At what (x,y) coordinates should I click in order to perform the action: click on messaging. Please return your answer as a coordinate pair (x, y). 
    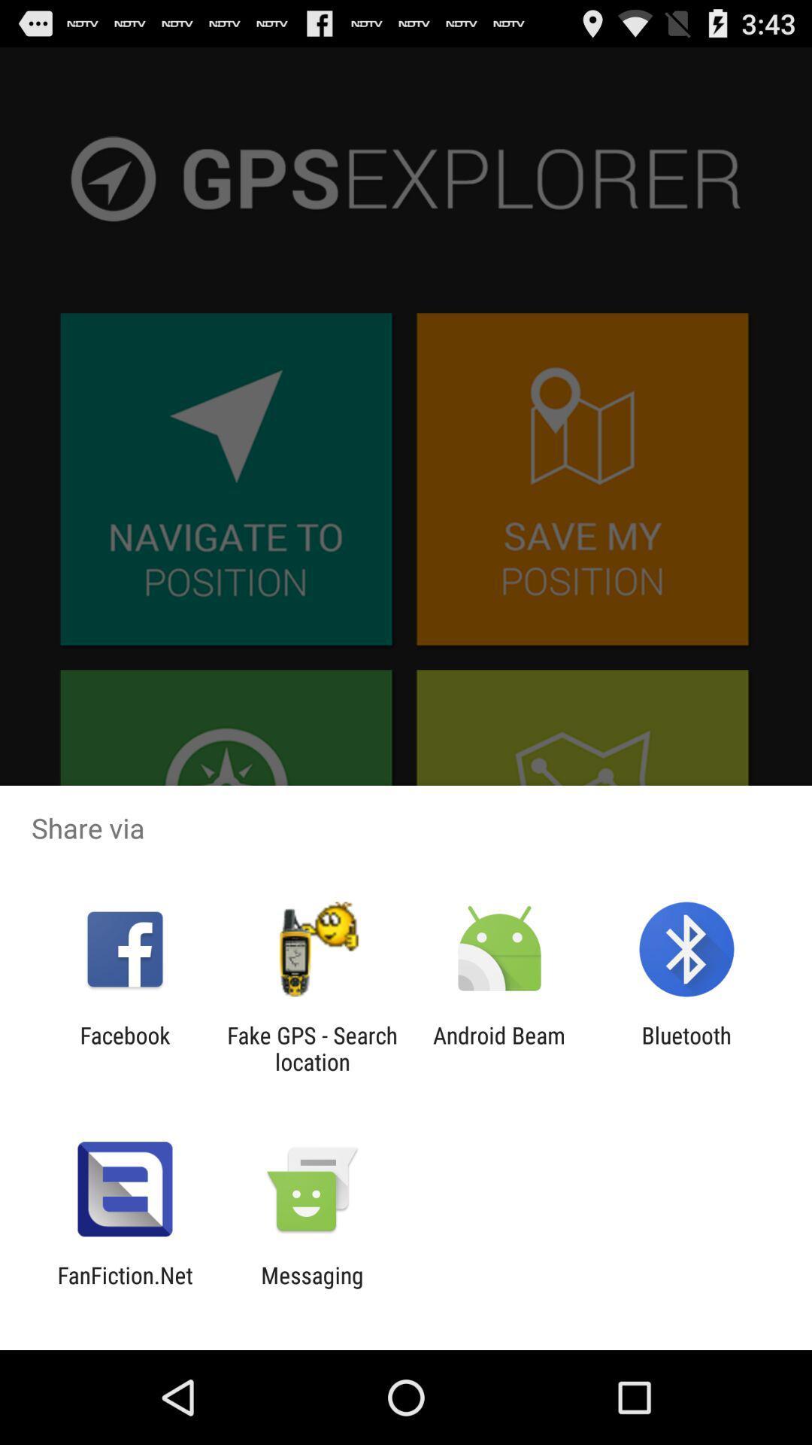
    Looking at the image, I should click on (311, 1288).